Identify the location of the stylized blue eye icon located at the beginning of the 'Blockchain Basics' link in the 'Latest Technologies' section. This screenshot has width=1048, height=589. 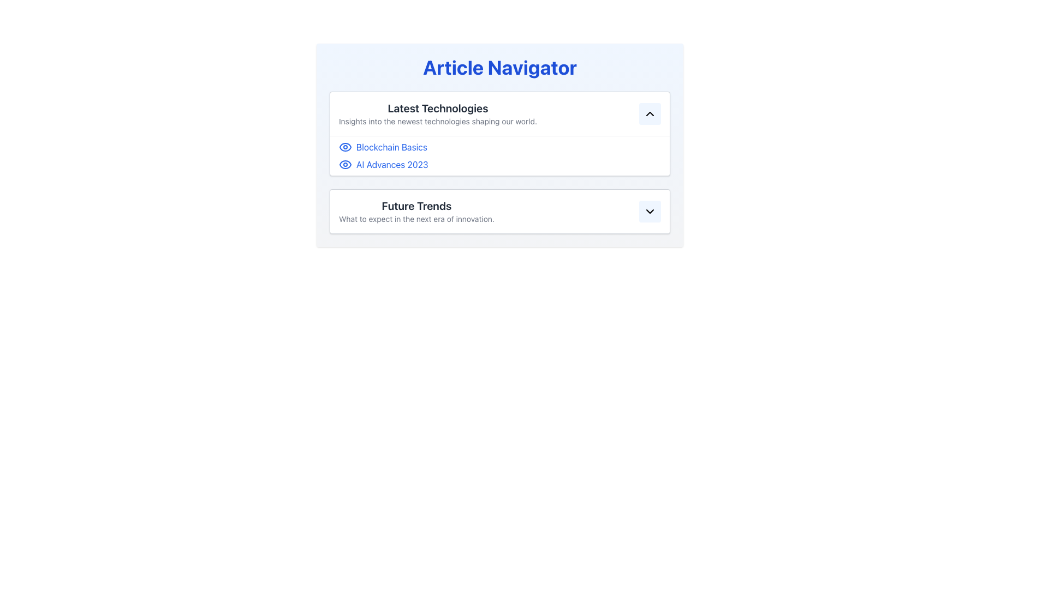
(345, 147).